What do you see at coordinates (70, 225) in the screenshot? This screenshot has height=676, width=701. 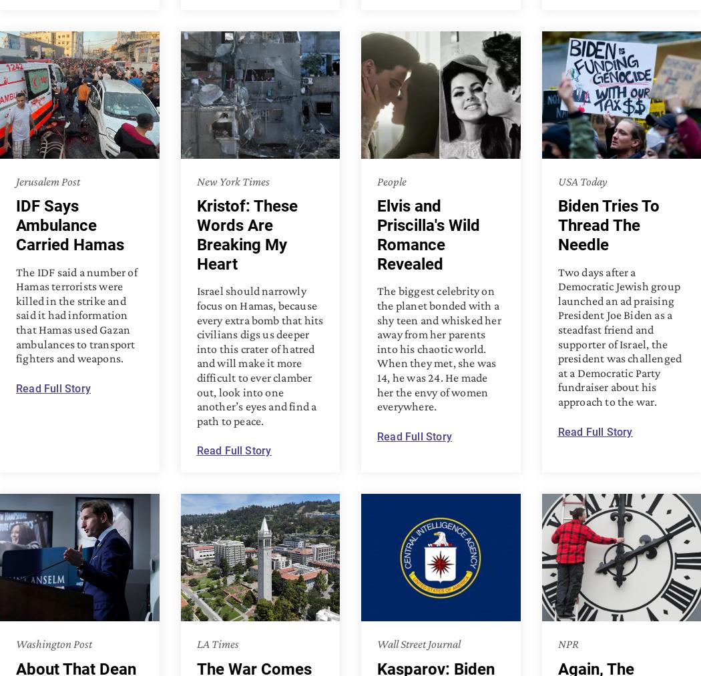 I see `'IDF Says Ambulance Carried Hamas'` at bounding box center [70, 225].